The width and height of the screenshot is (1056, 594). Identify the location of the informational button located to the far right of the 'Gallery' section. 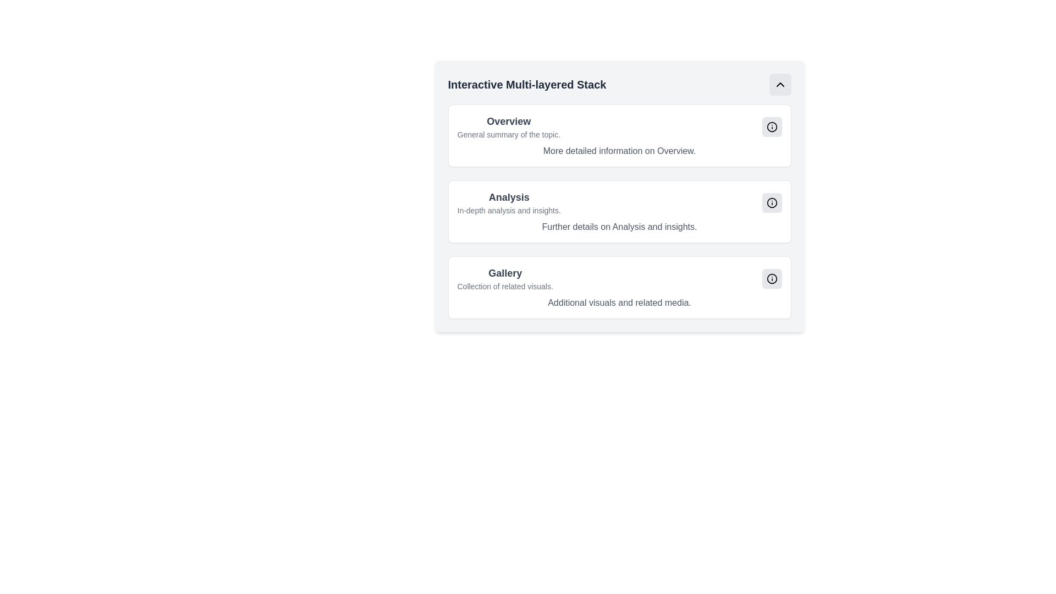
(771, 278).